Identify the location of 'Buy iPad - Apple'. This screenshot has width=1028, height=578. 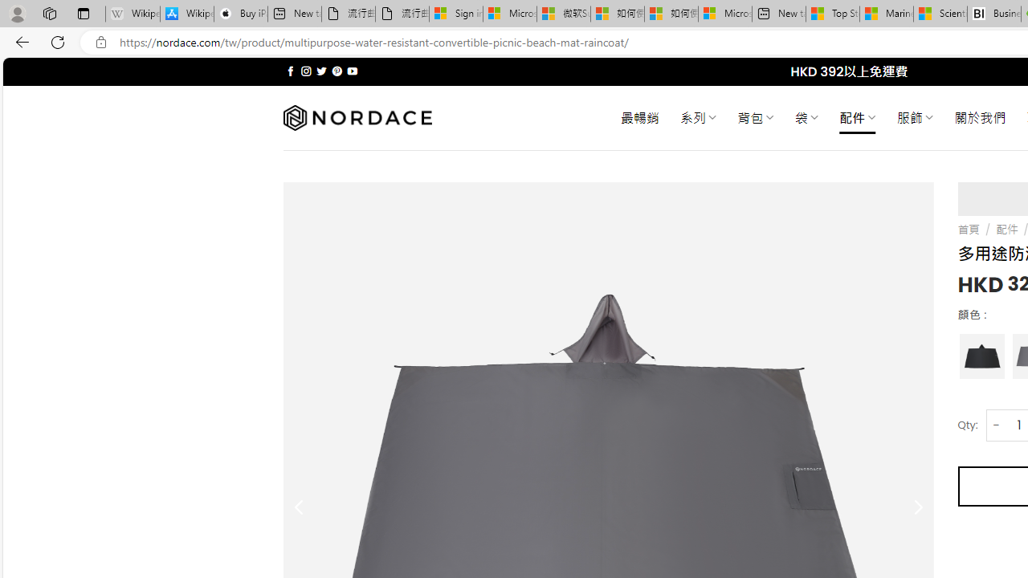
(240, 14).